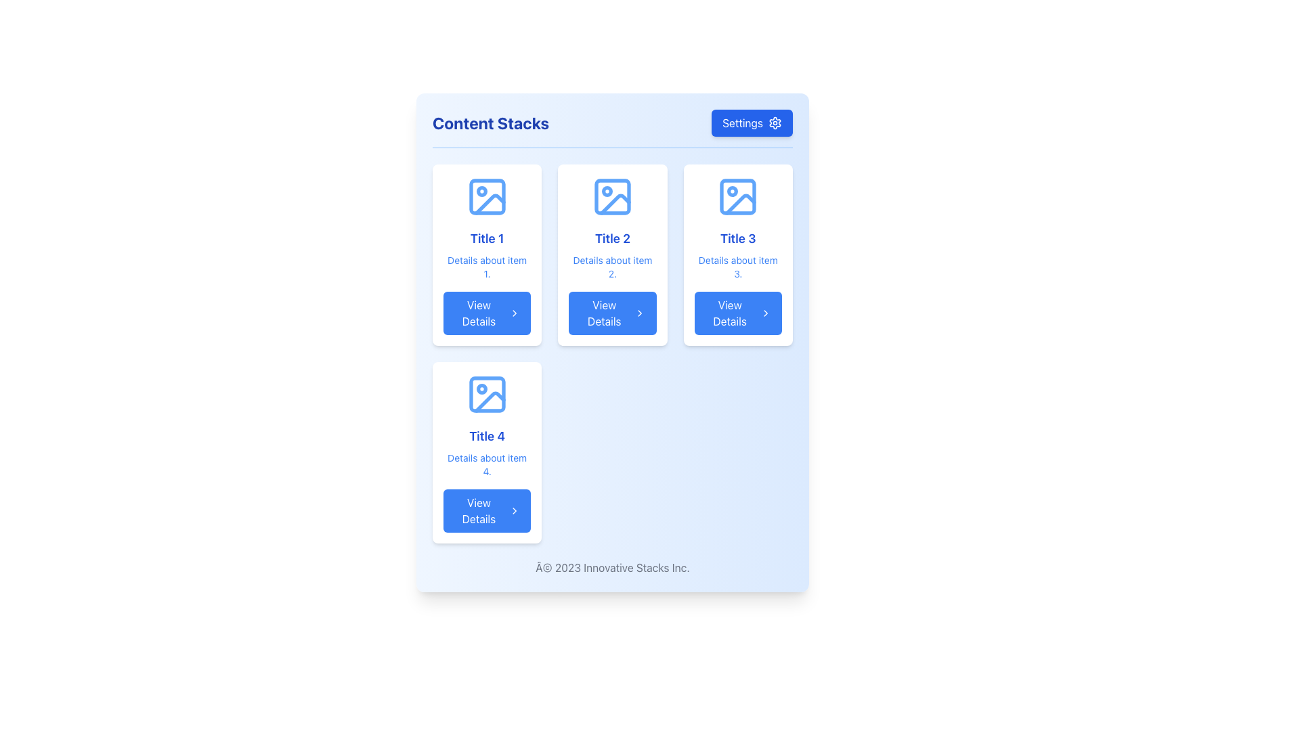 Image resolution: width=1300 pixels, height=731 pixels. Describe the element at coordinates (611, 313) in the screenshot. I see `the rectangular button with a blue background and white text that reads 'View Details'` at that location.